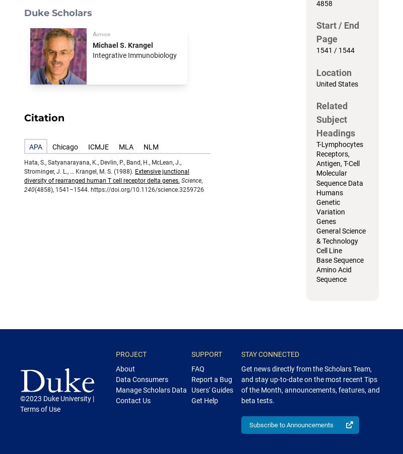 The image size is (403, 454). What do you see at coordinates (310, 384) in the screenshot?
I see `'Get news directly from the Scholars Team,
              and stay up-to-date on the most recent Tips of the Month,
              announcements, features, and beta tests.'` at bounding box center [310, 384].